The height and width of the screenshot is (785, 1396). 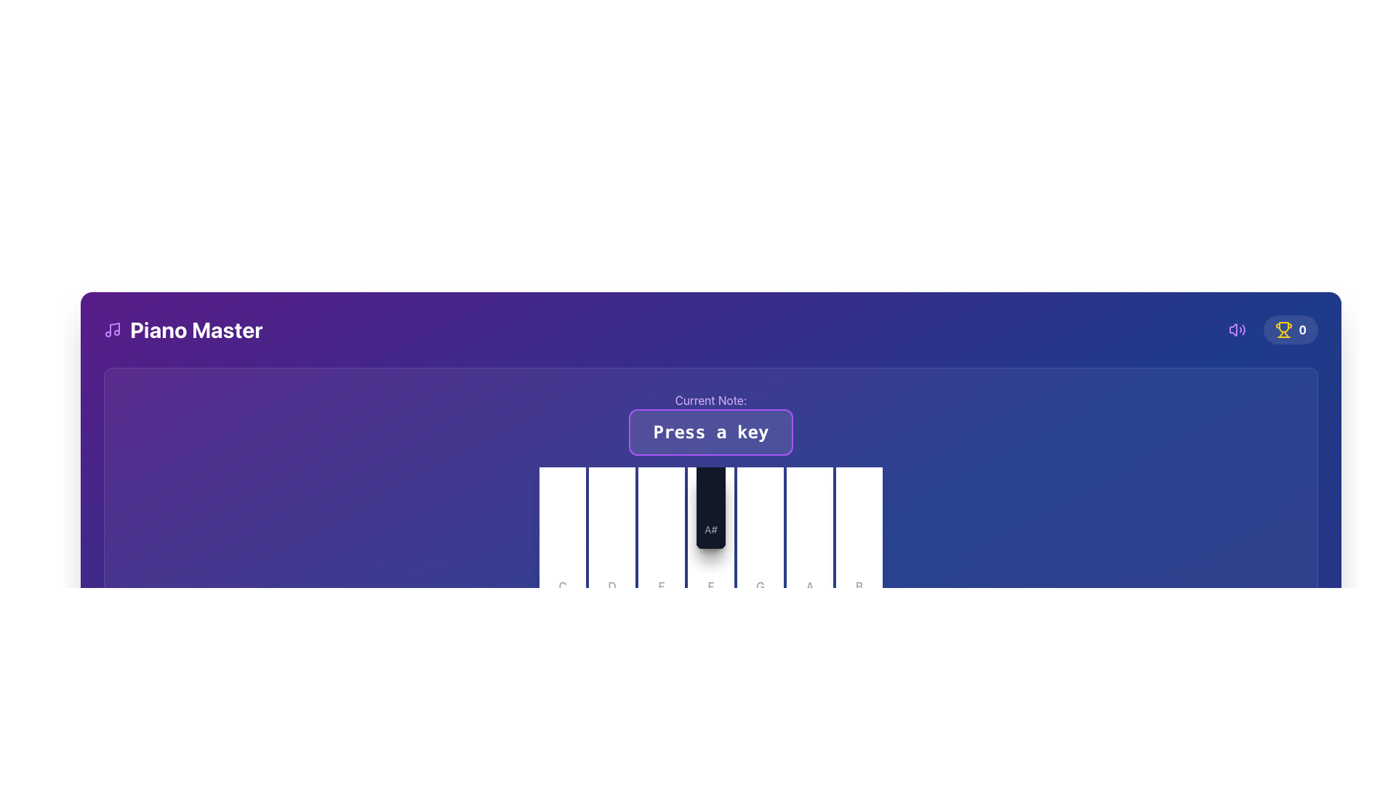 I want to click on the static text element that serves as a label for the corresponding piano key, providing a visual cue about the musical note associated with the key, so click(x=611, y=585).